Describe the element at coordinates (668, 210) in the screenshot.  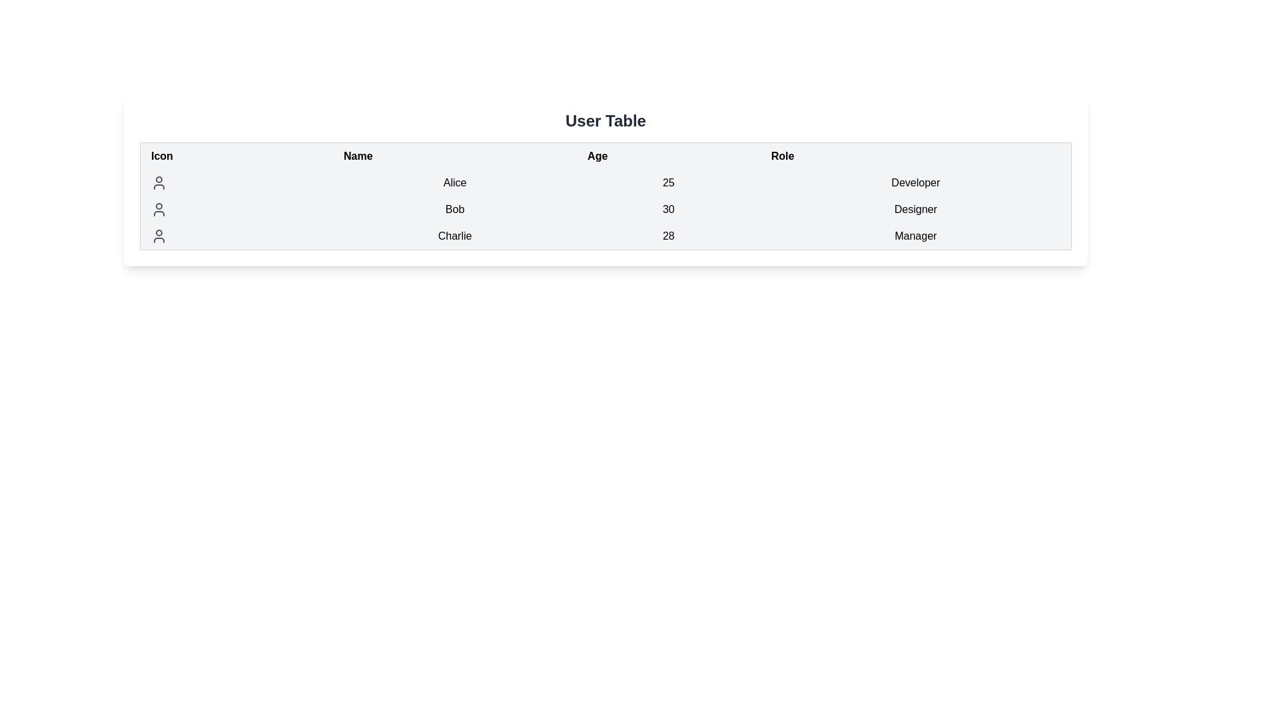
I see `the static text displaying the age of 'Bob', which is 30, located in the 'Age' column of the user details table` at that location.